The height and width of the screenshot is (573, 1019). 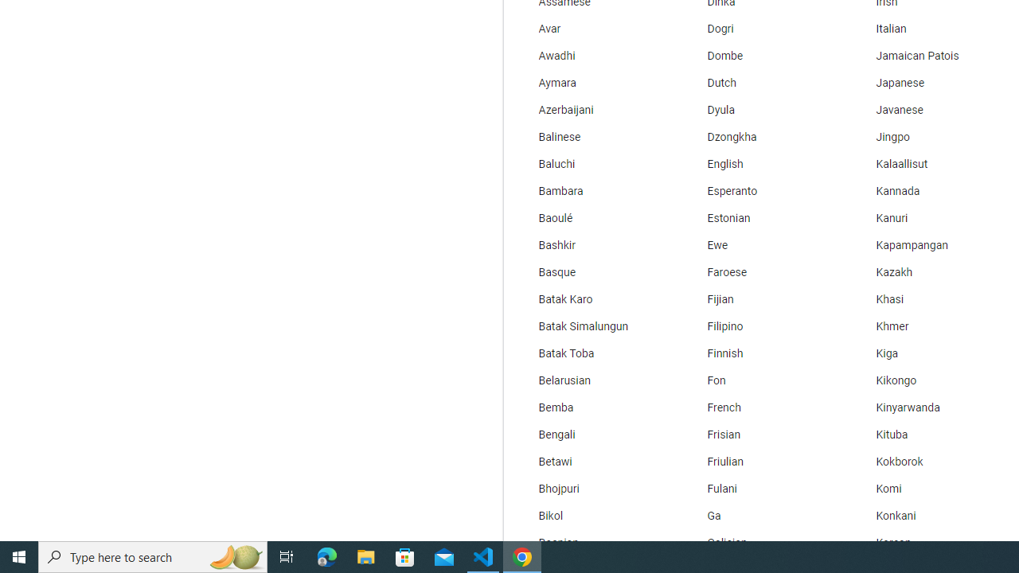 I want to click on 'Dutch', so click(x=761, y=84).